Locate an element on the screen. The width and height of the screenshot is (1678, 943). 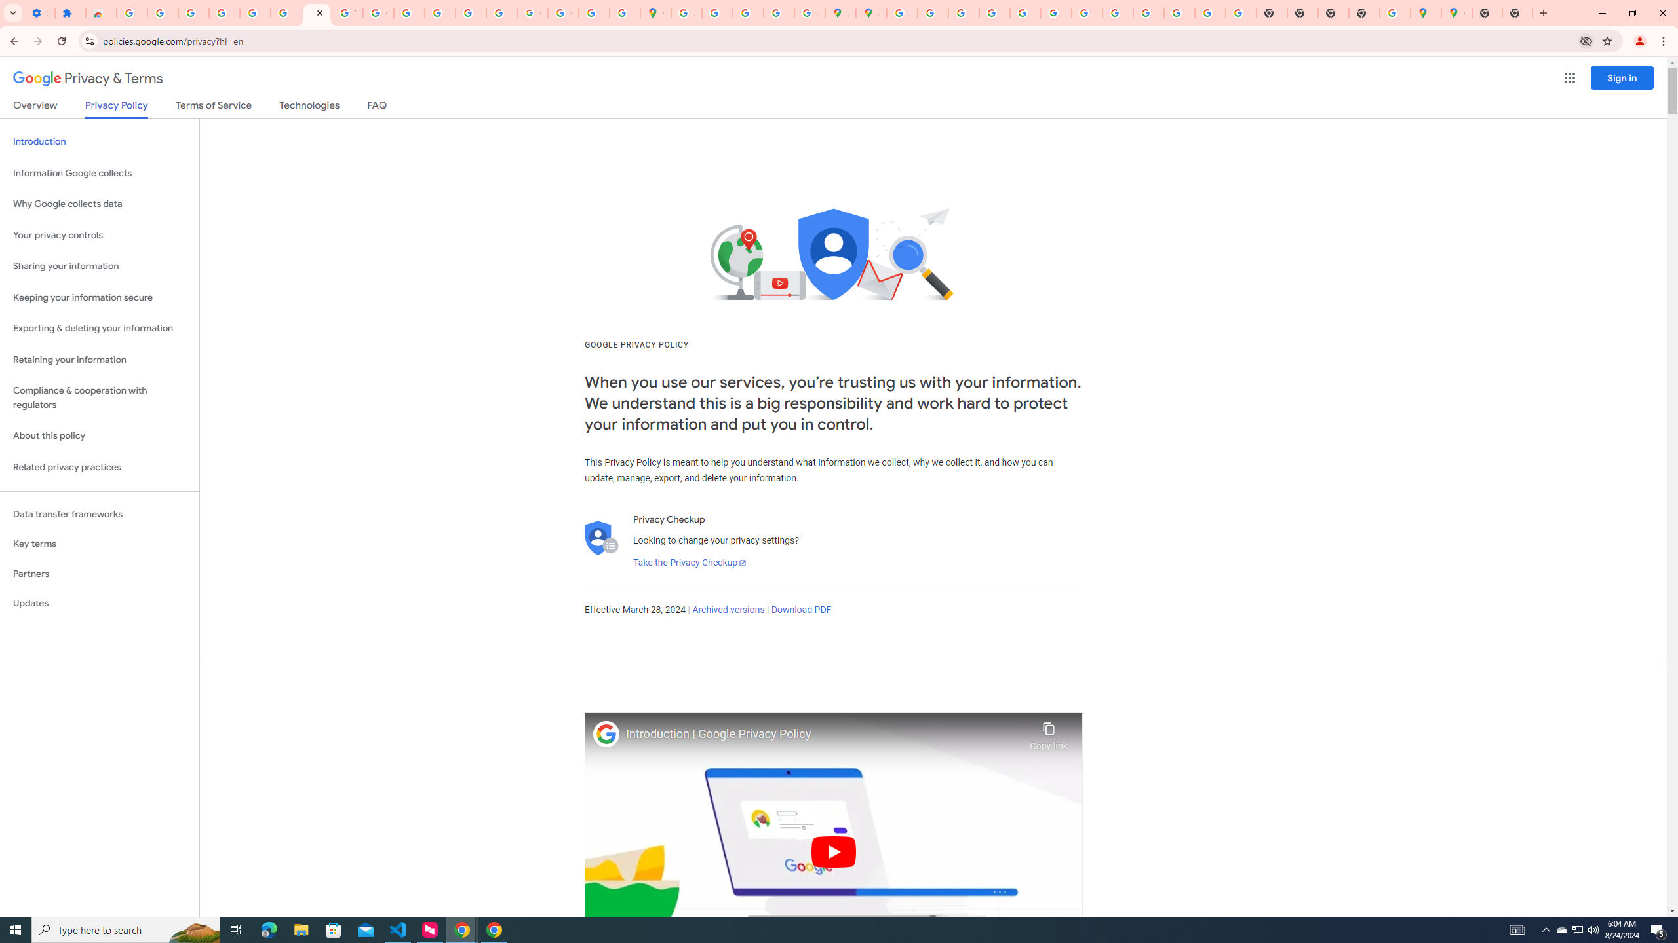
'Delete photos & videos - Computer - Google Photos Help' is located at coordinates (163, 12).